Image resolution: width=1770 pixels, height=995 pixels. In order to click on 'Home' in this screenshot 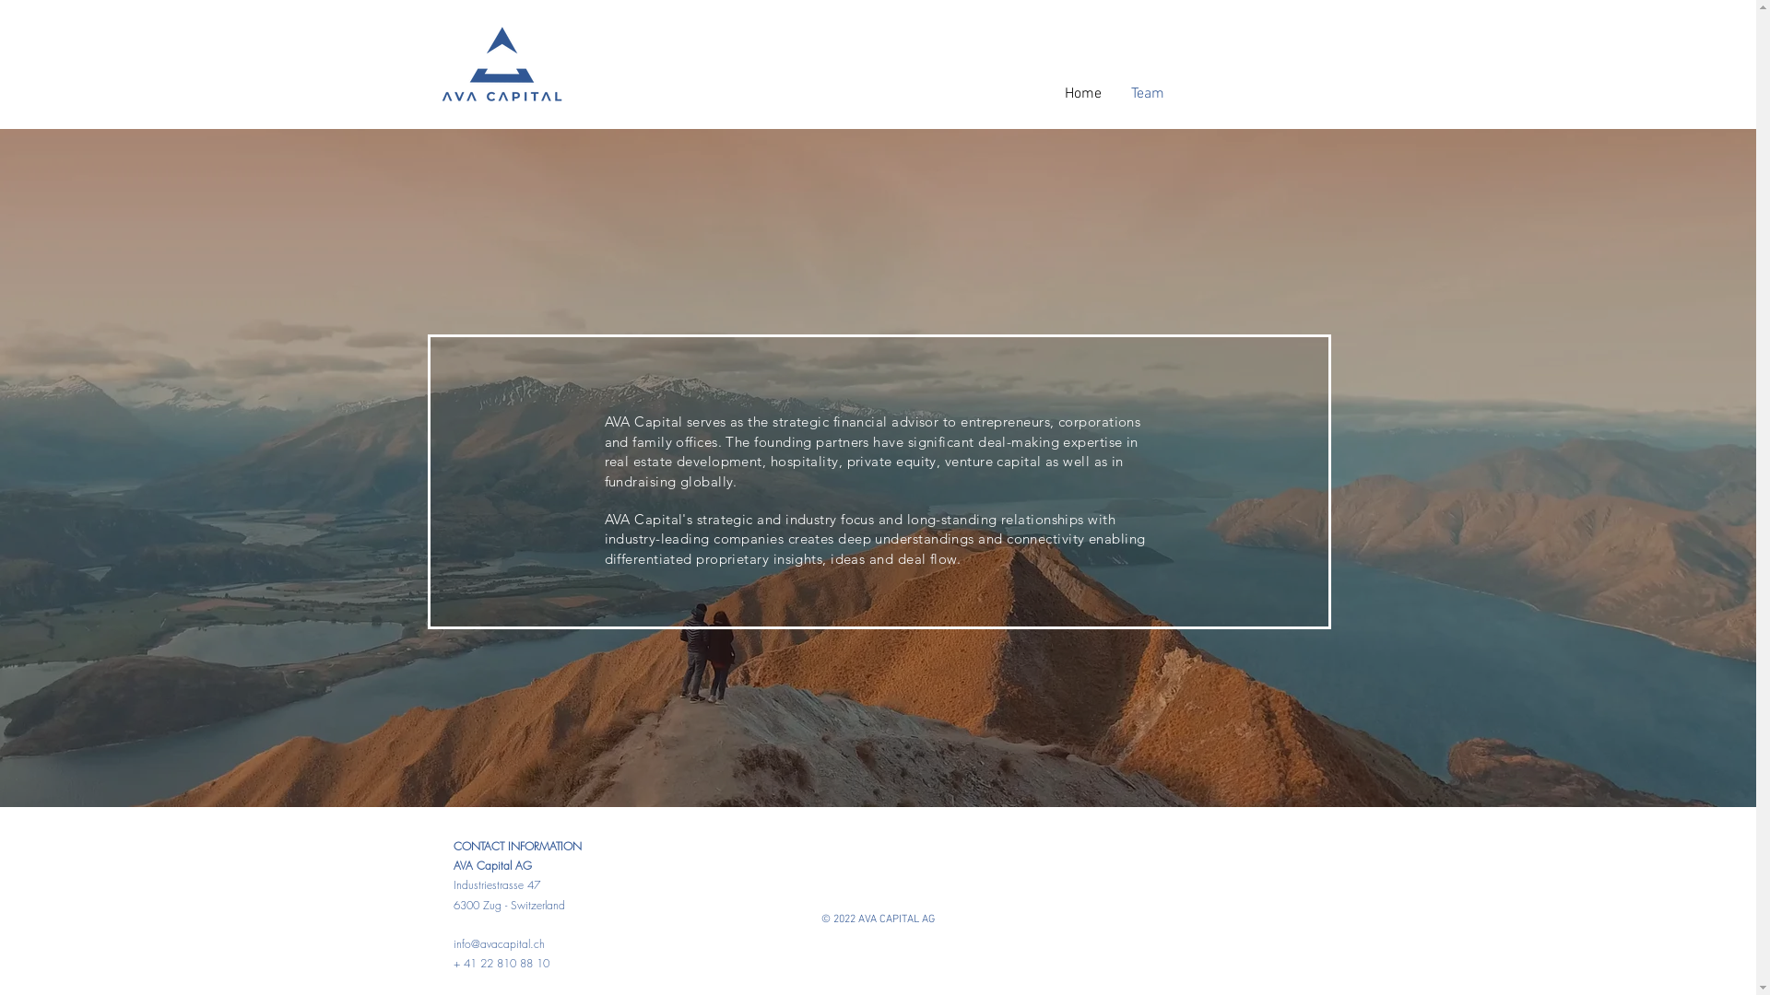, I will do `click(1083, 94)`.